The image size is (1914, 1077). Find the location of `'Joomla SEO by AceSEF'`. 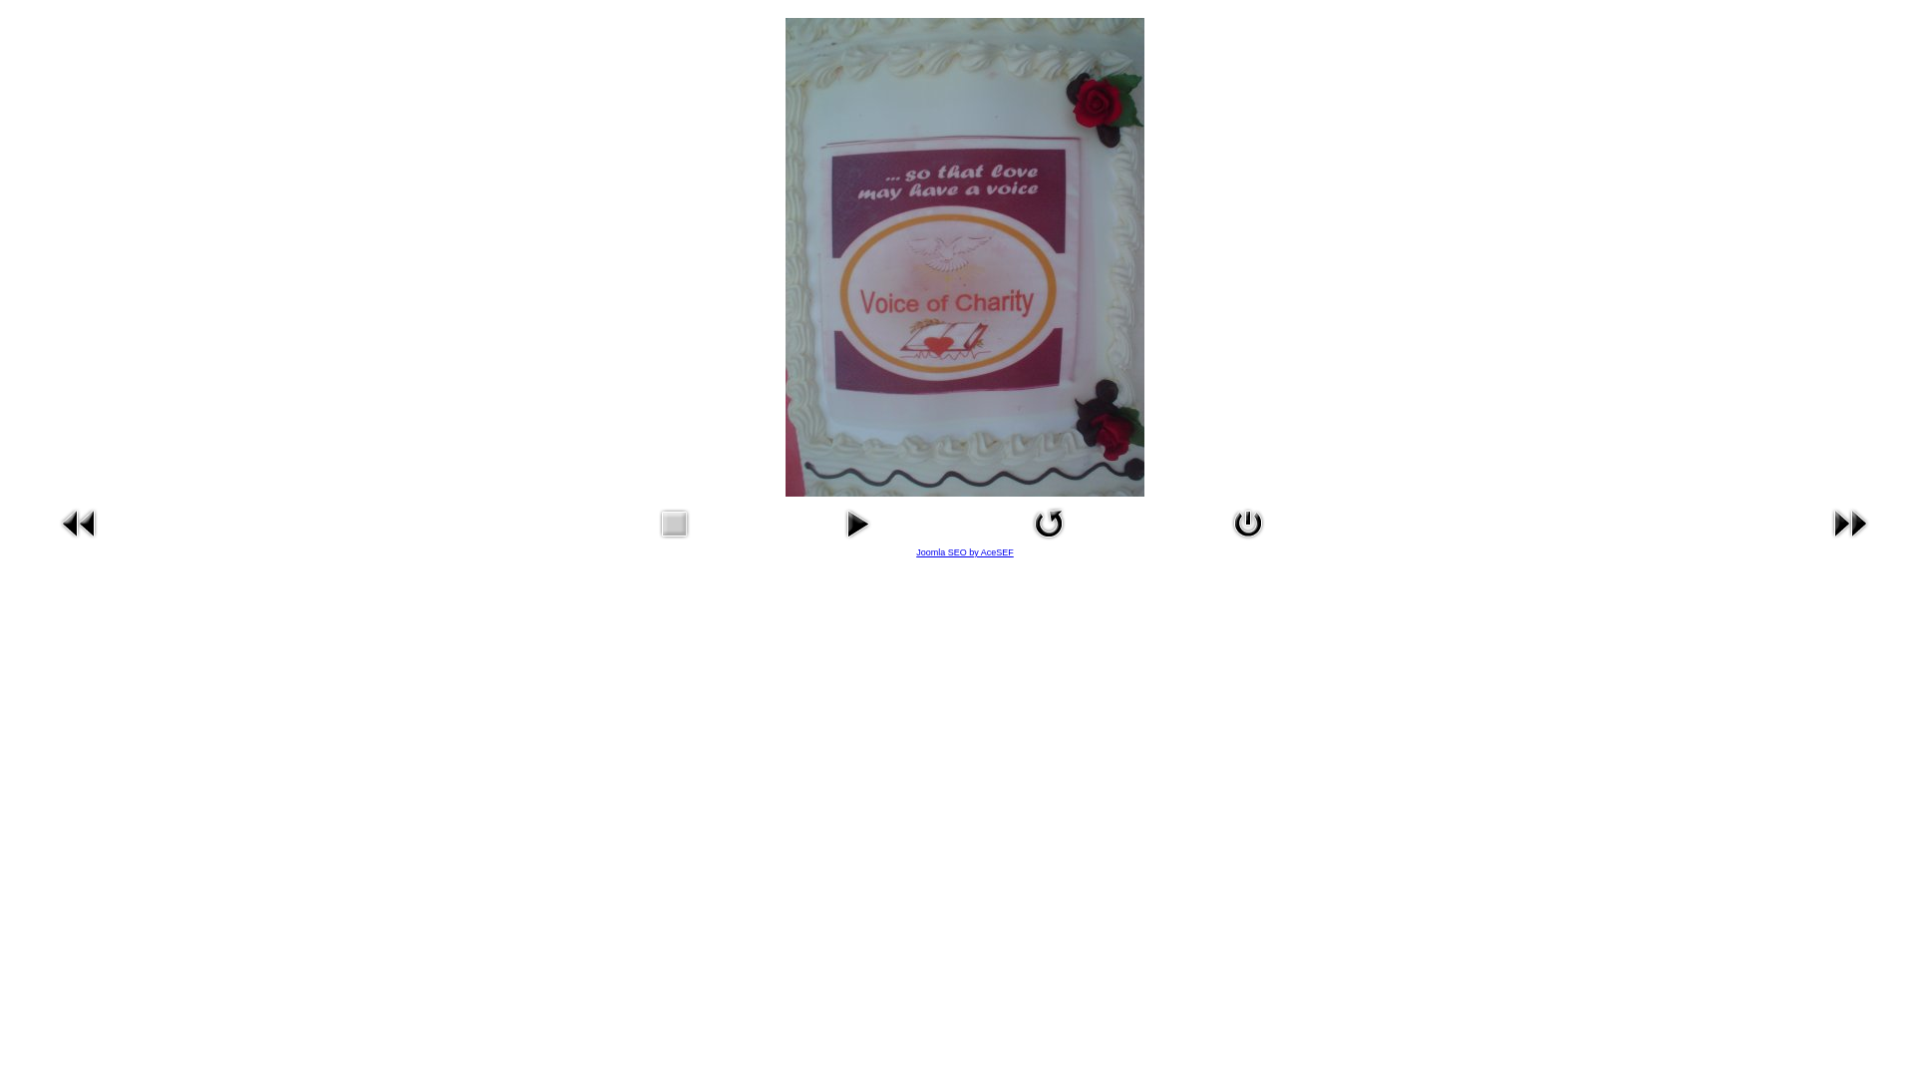

'Joomla SEO by AceSEF' is located at coordinates (965, 552).